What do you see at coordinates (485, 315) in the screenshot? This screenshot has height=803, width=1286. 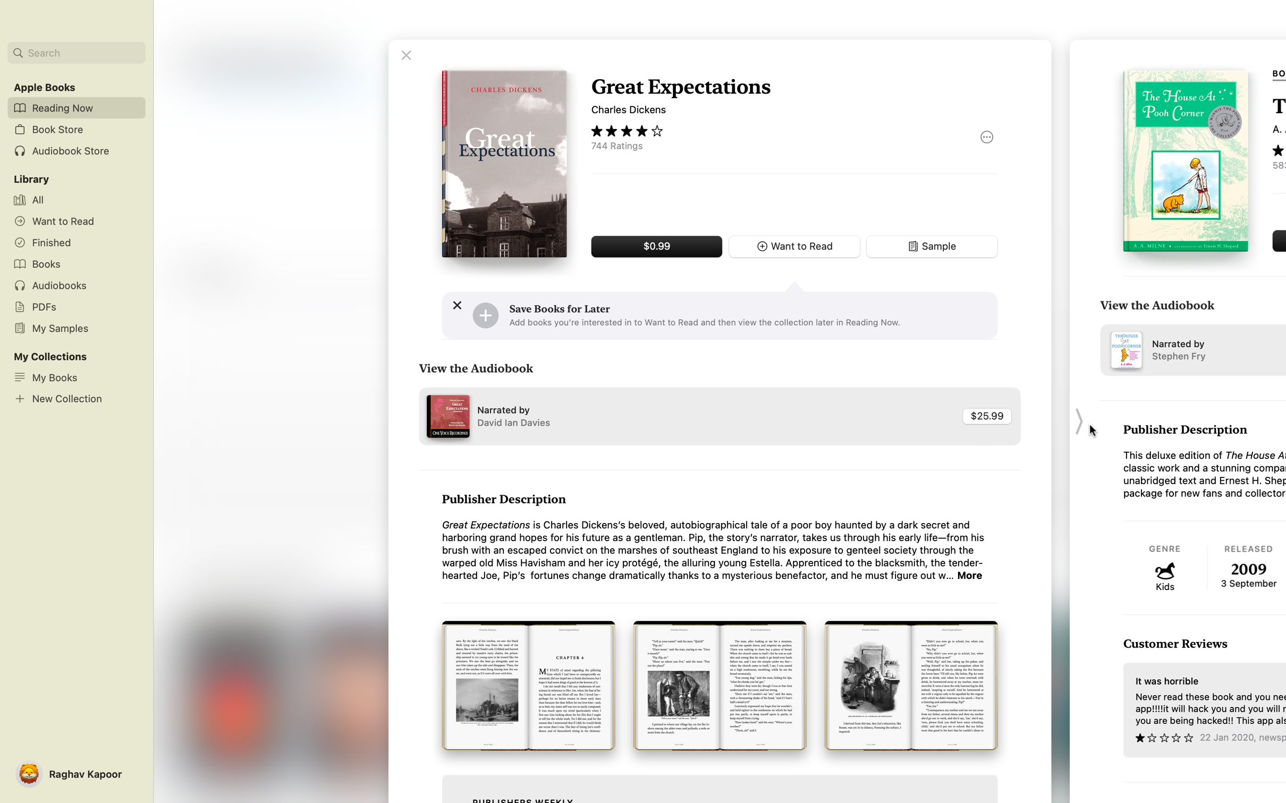 I see `Put the selected book in your wish list` at bounding box center [485, 315].